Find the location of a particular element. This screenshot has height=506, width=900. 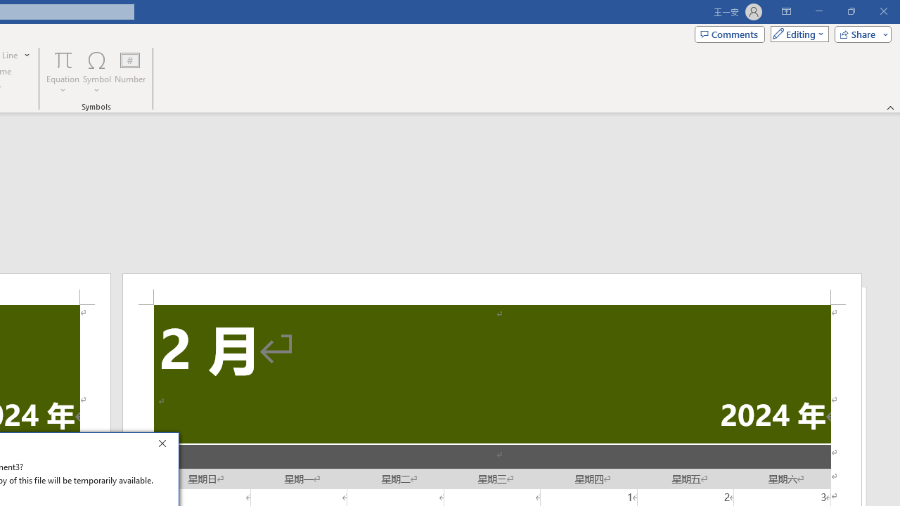

'Number...' is located at coordinates (130, 72).